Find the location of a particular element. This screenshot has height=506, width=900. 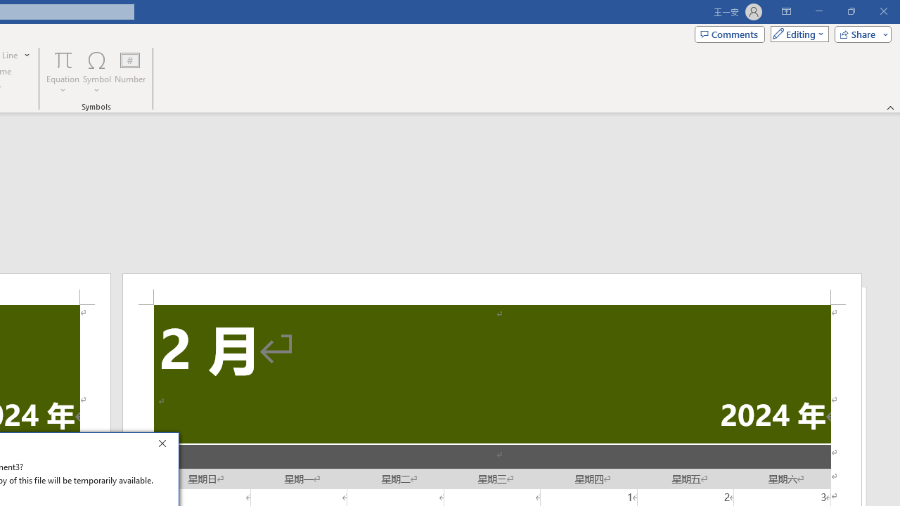

'Number...' is located at coordinates (130, 72).